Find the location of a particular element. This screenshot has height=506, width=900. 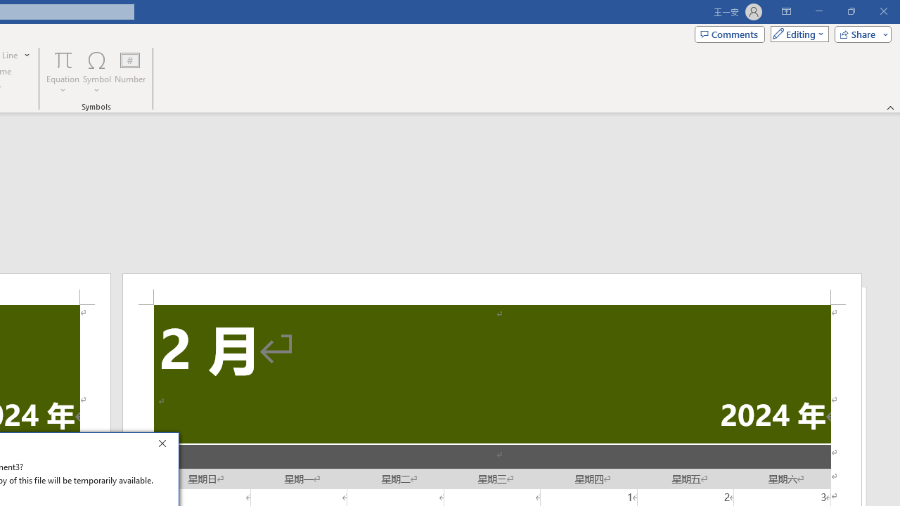

'Number...' is located at coordinates (130, 72).